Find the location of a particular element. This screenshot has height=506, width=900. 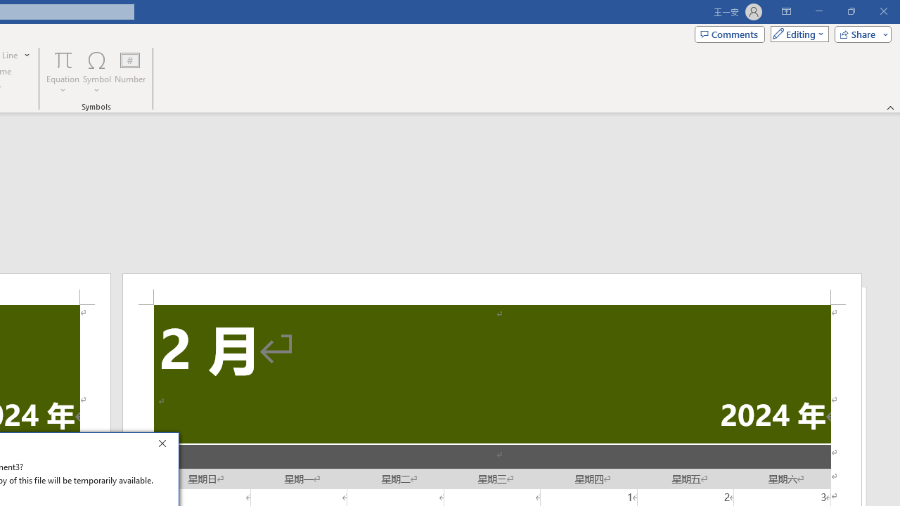

'Number...' is located at coordinates (130, 72).